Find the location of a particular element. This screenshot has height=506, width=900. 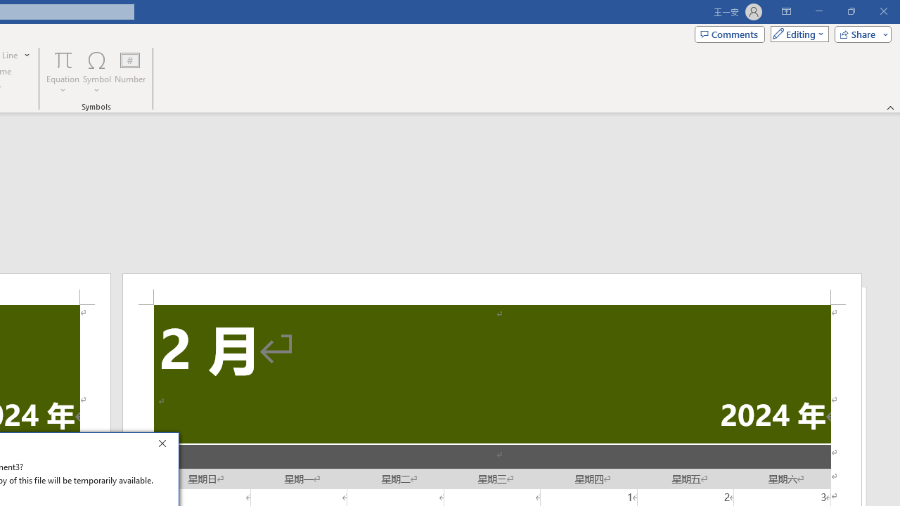

'Number...' is located at coordinates (130, 72).